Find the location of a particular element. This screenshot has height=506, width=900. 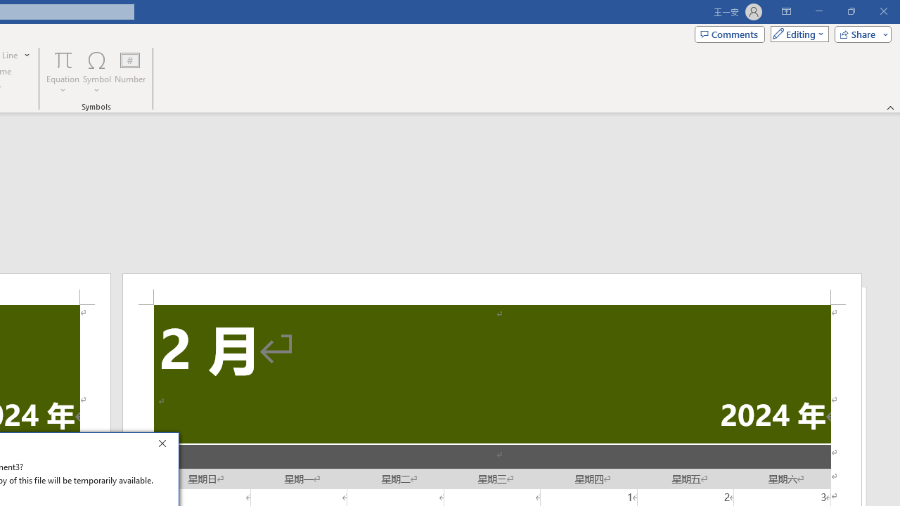

'Number...' is located at coordinates (130, 72).